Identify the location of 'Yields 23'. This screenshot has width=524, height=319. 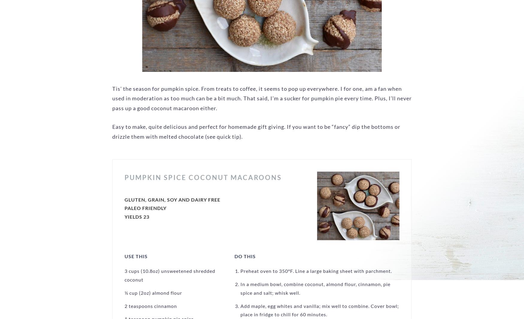
(137, 217).